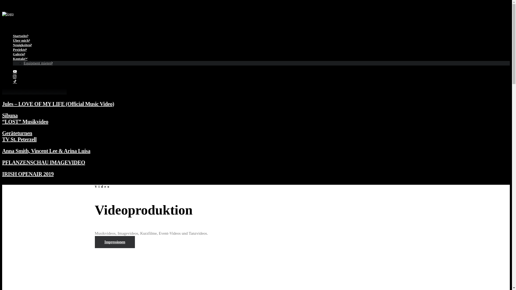 This screenshot has height=290, width=516. I want to click on 'Equipment mieten', so click(23, 63).